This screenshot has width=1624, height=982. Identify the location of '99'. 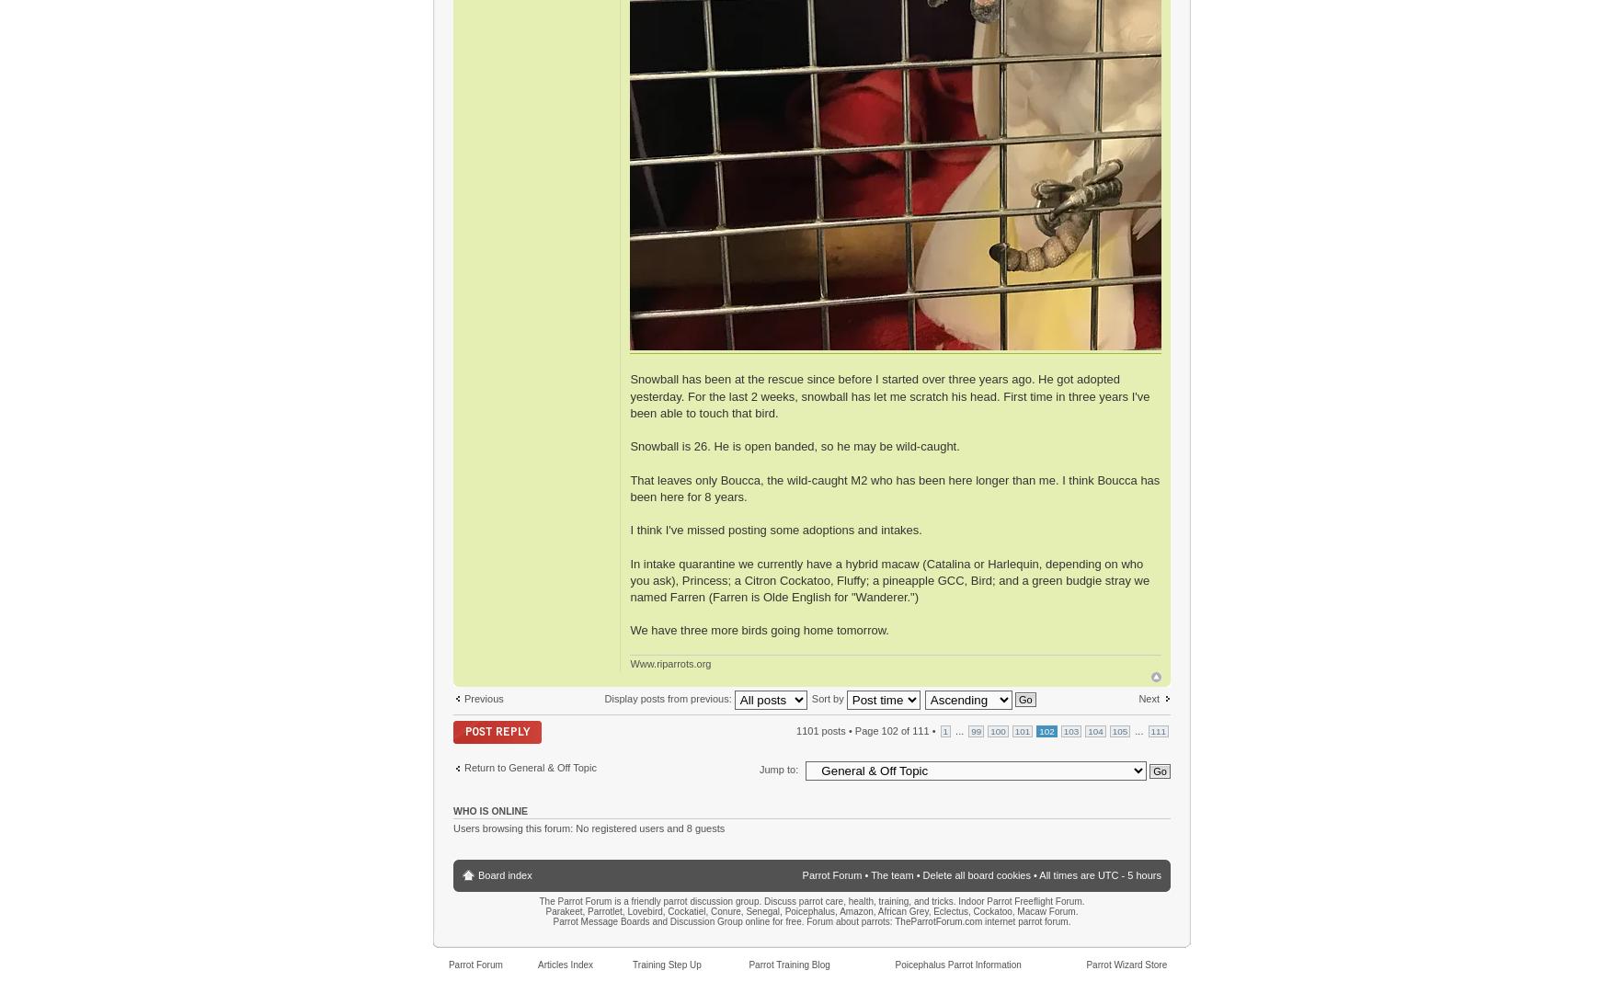
(975, 730).